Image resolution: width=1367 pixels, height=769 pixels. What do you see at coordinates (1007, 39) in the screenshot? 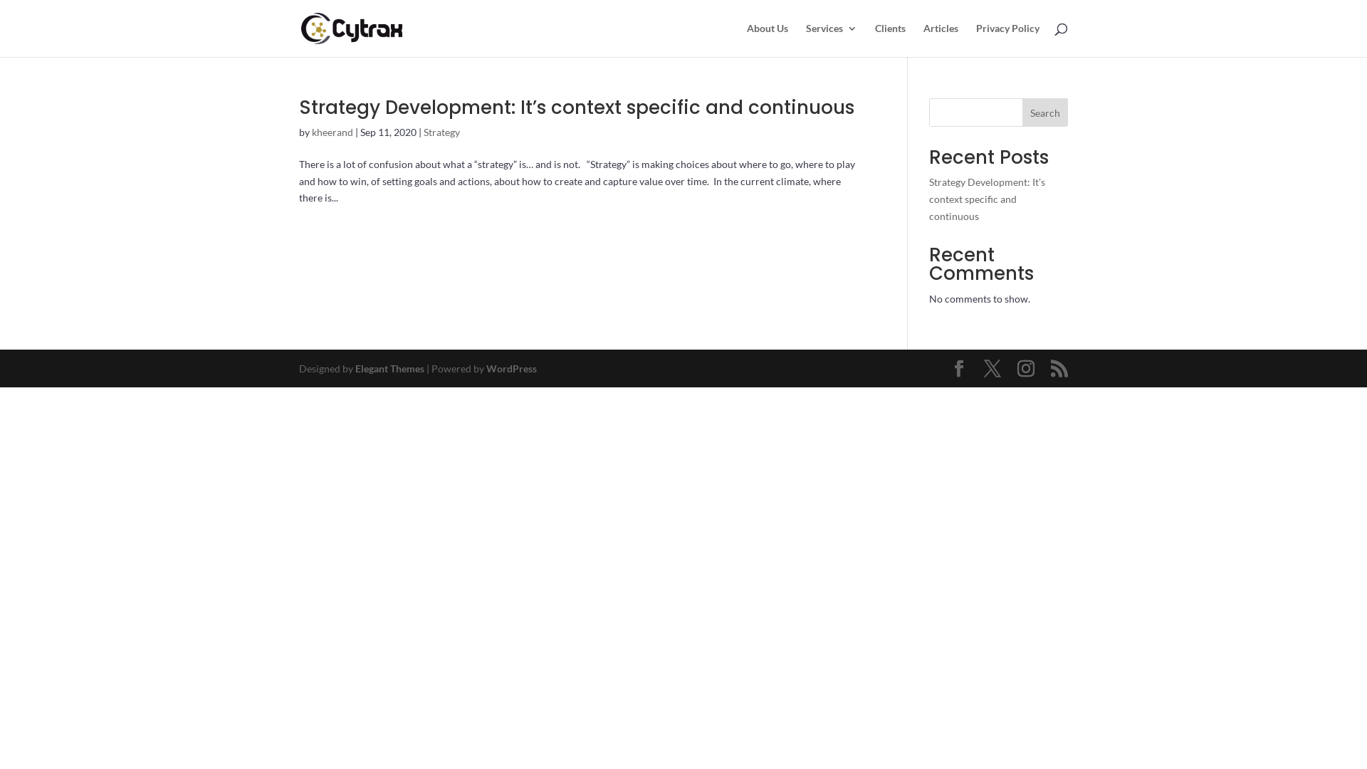
I see `'Privacy Policy'` at bounding box center [1007, 39].